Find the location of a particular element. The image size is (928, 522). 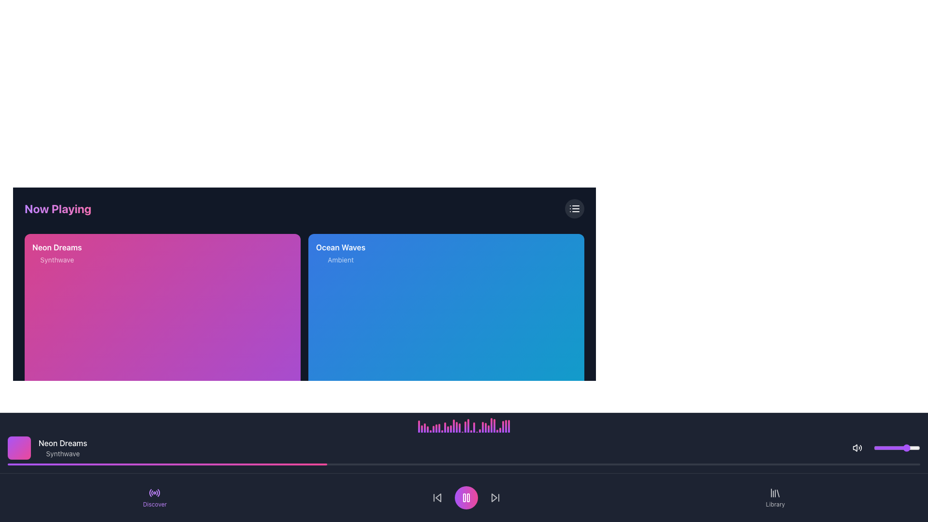

the height changes of the first graphical bar in the audio equalizer, which is centrally located at the bottom of the interface is located at coordinates (419, 425).